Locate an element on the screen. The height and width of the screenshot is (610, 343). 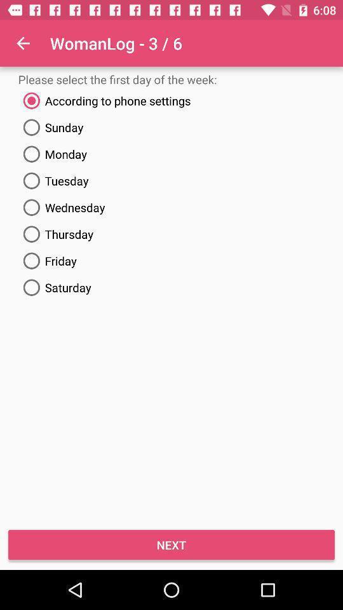
the wednesday icon is located at coordinates (171, 207).